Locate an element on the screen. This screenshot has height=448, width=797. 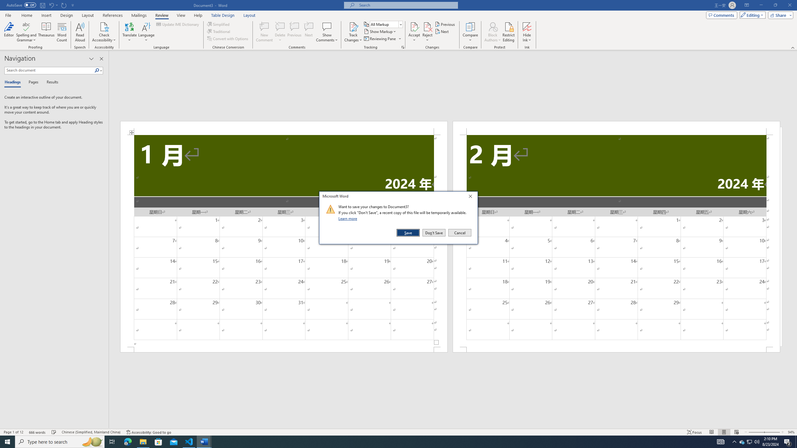
'Results' is located at coordinates (50, 82).